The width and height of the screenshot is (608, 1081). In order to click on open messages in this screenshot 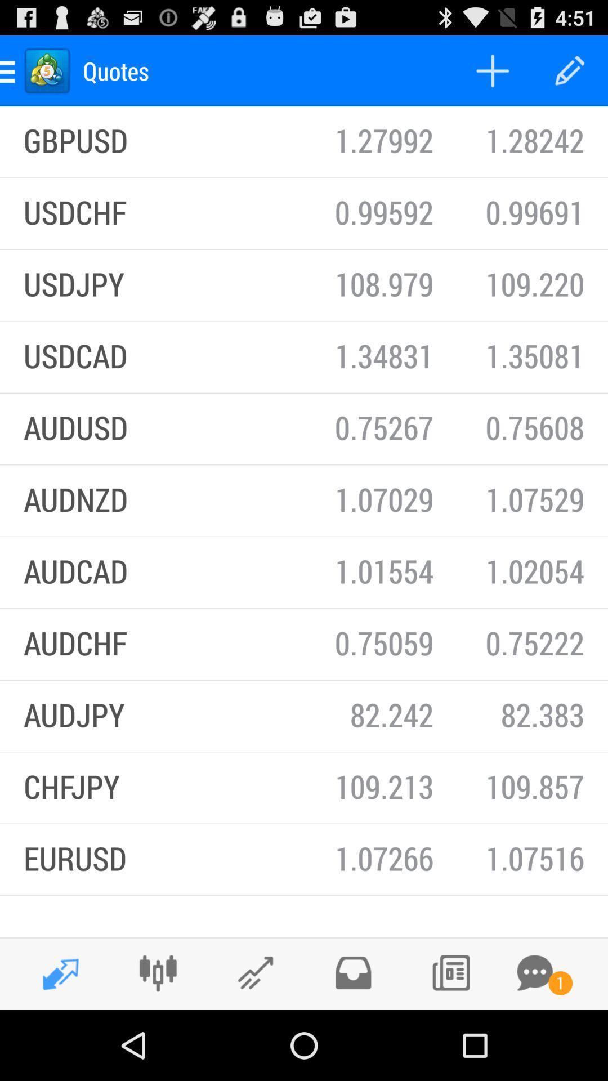, I will do `click(534, 972)`.